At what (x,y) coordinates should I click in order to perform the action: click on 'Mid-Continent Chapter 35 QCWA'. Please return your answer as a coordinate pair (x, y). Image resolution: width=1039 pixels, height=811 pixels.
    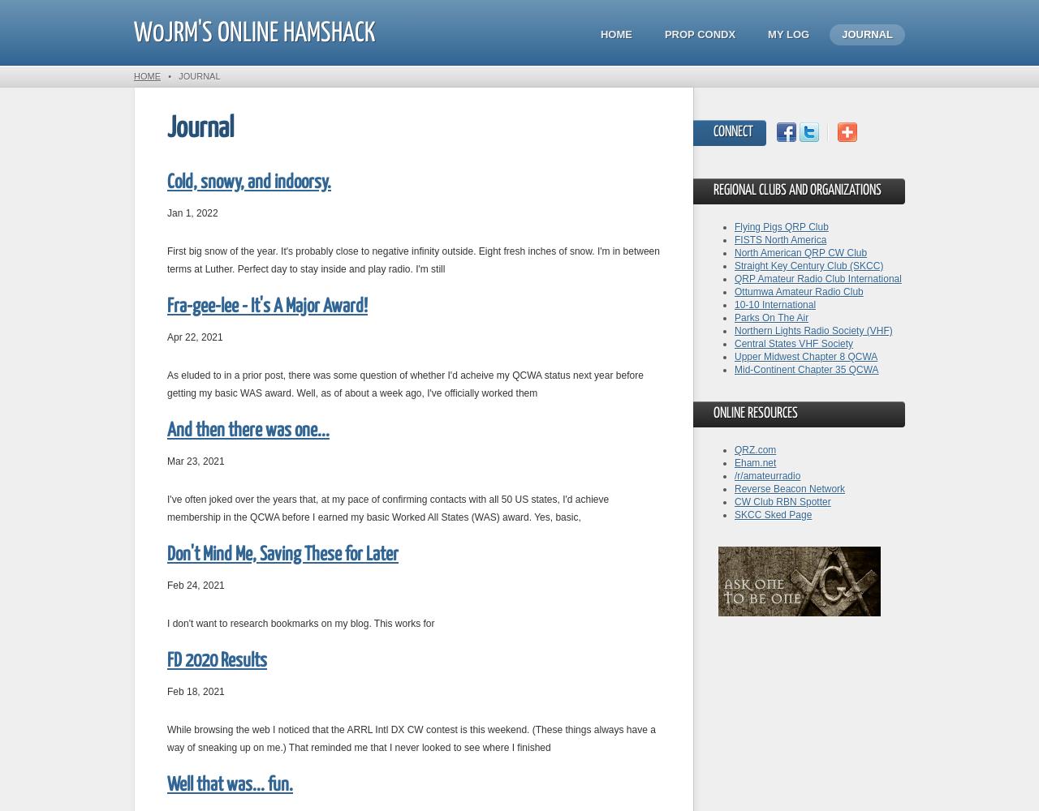
    Looking at the image, I should click on (806, 369).